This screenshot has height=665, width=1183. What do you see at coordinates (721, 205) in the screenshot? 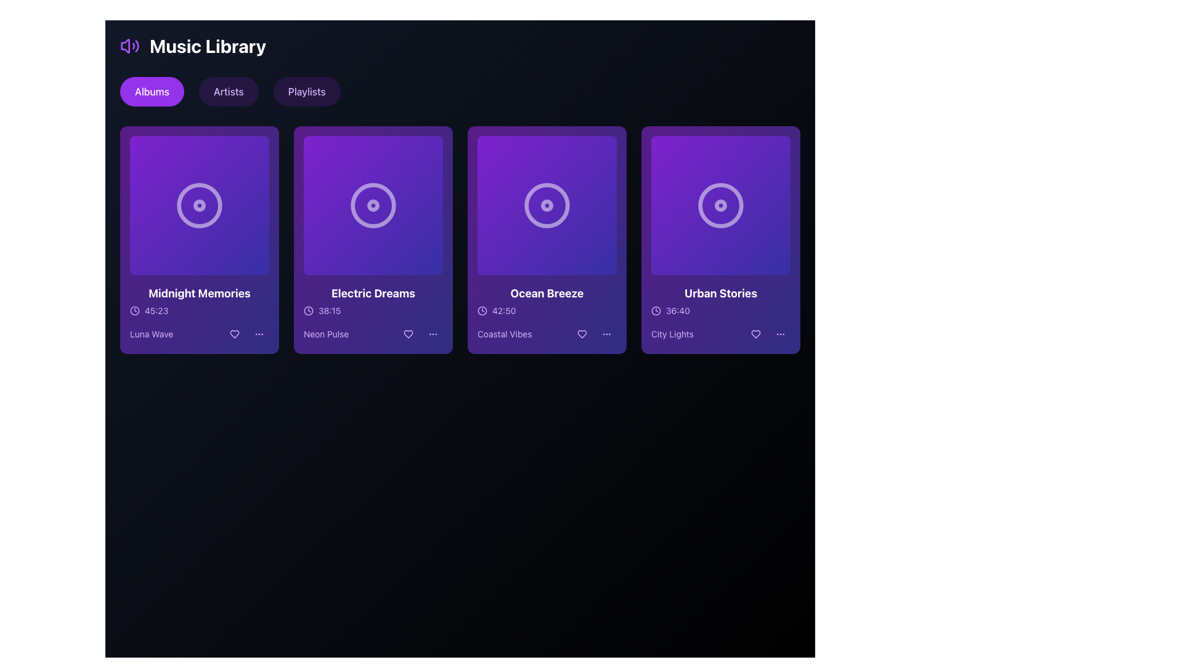
I see `the outer circle of the double-ring icon located centrally within the 'Urban Stories' card on the rightmost side of the four cards` at bounding box center [721, 205].